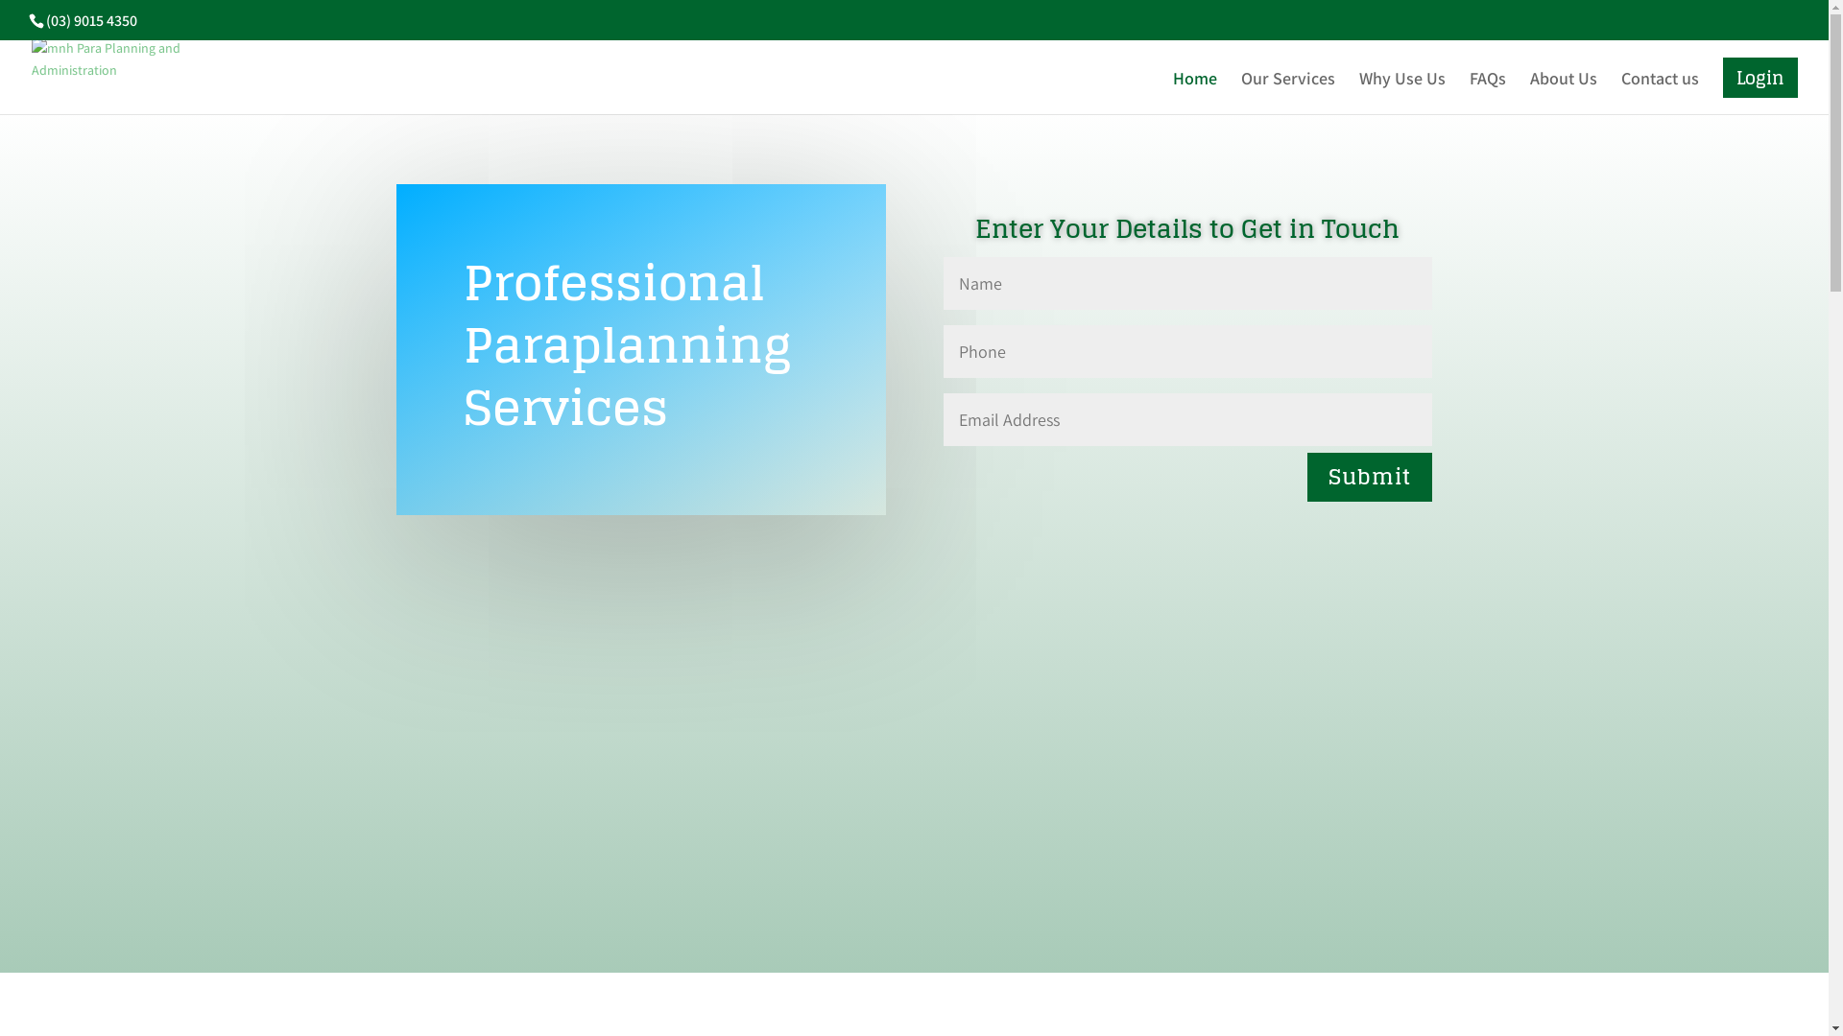 This screenshot has width=1843, height=1036. Describe the element at coordinates (1240, 92) in the screenshot. I see `'Our Services'` at that location.